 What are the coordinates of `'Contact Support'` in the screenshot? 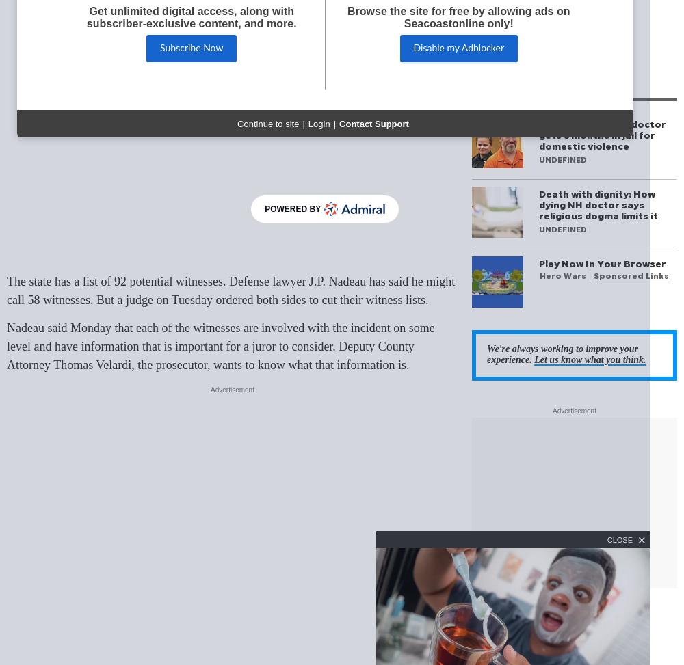 It's located at (373, 123).